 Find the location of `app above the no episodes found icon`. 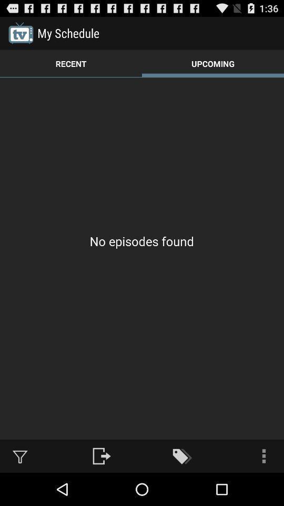

app above the no episodes found icon is located at coordinates (213, 63).